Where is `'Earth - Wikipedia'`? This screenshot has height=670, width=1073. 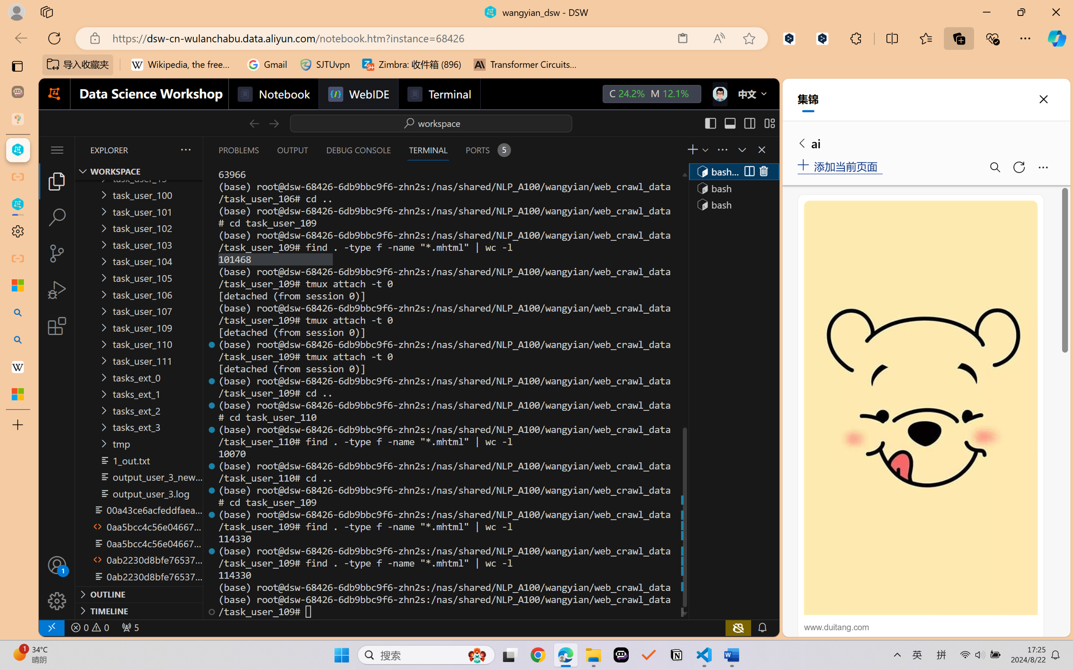
'Earth - Wikipedia' is located at coordinates (17, 366).